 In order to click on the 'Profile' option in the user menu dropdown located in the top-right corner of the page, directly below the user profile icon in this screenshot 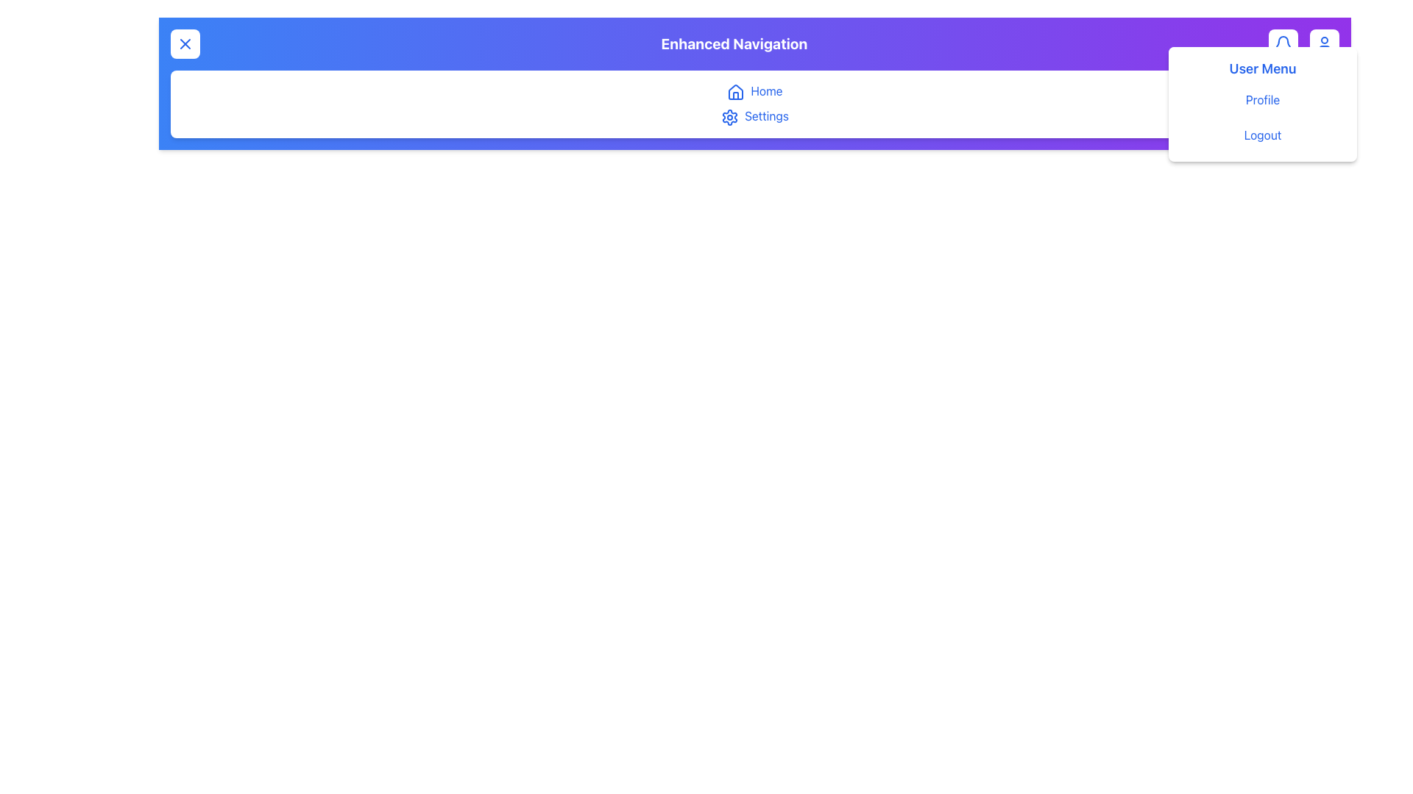, I will do `click(1262, 104)`.